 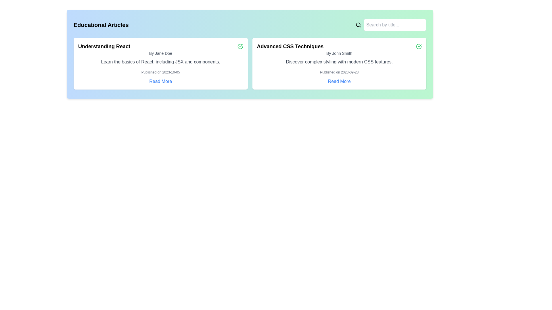 I want to click on the text label that serves as a heading for the article or content section, positioned near the top-left corner of the left card in a horizontally aligned layout, so click(x=104, y=46).